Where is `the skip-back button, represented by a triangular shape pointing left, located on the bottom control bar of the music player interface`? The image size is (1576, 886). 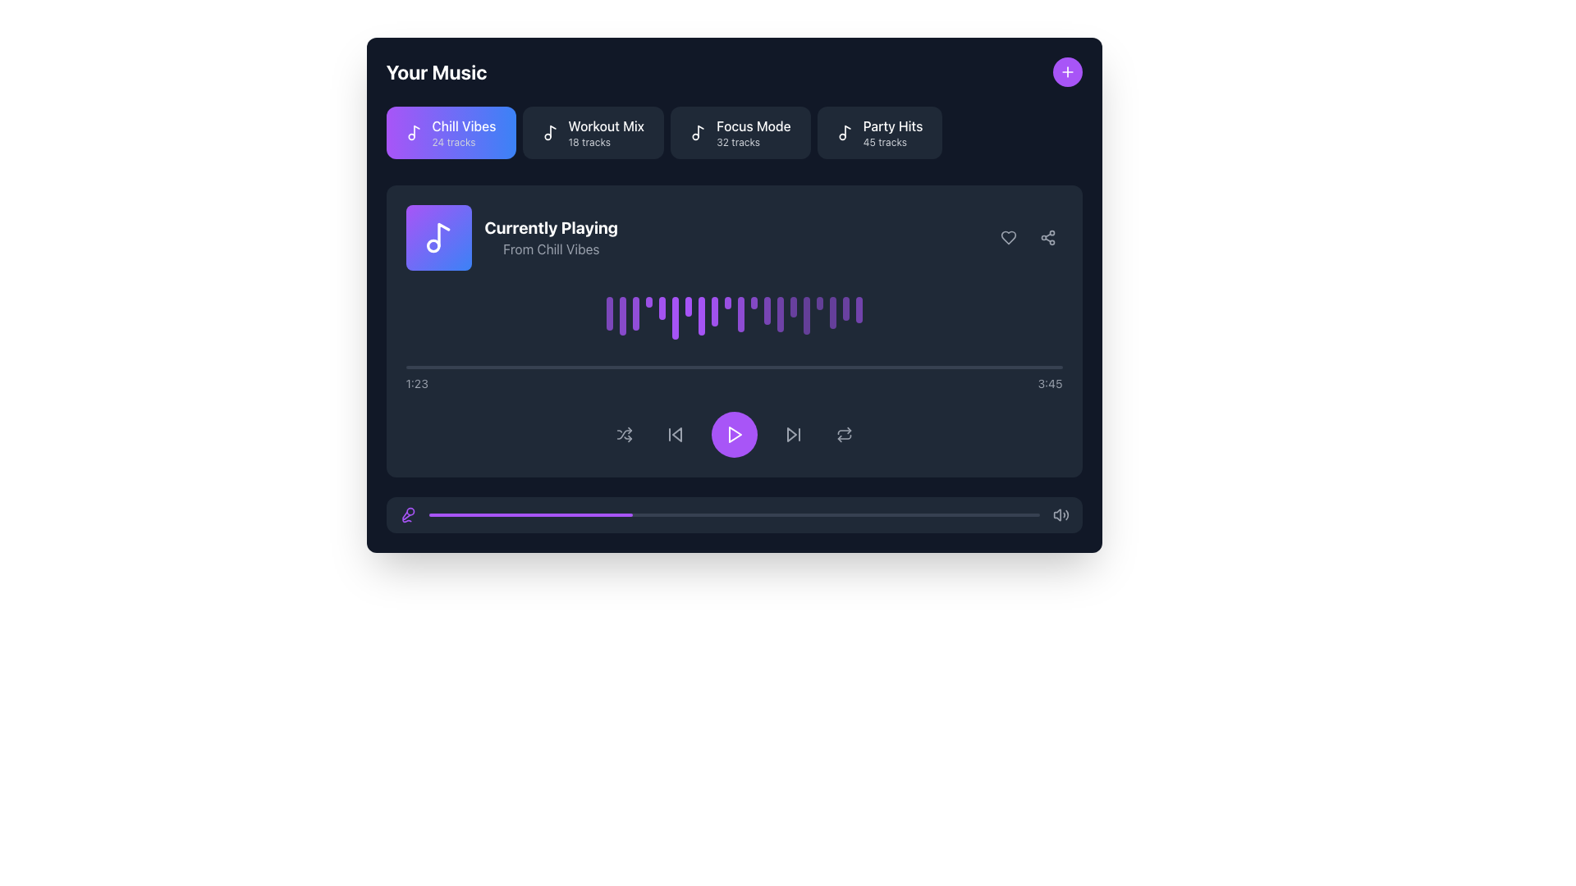 the skip-back button, represented by a triangular shape pointing left, located on the bottom control bar of the music player interface is located at coordinates (675, 434).